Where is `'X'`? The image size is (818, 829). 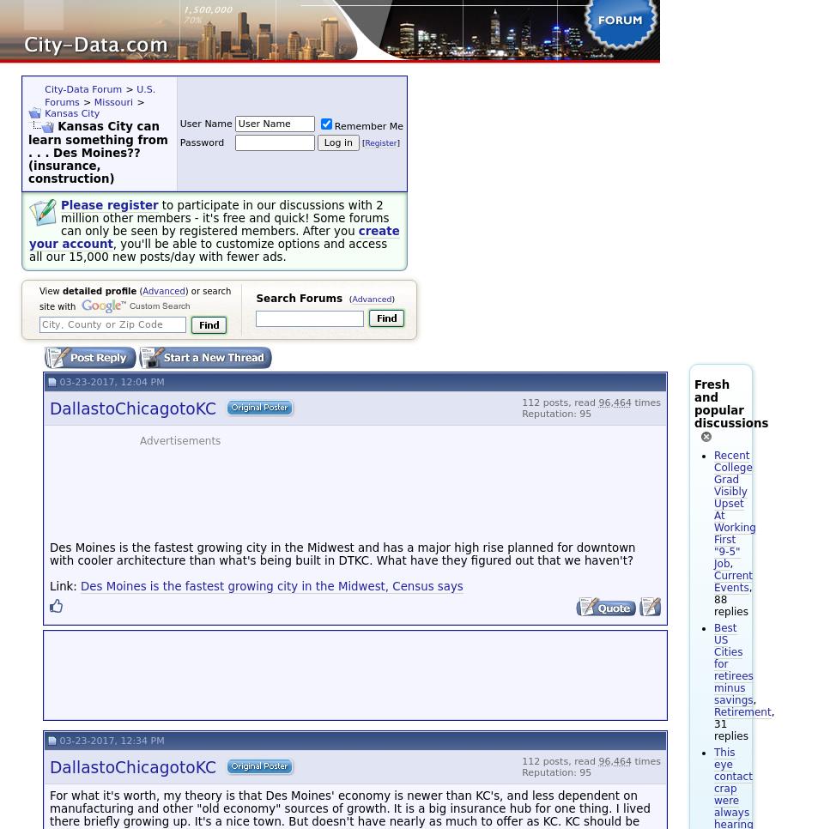
'X' is located at coordinates (318, 9).